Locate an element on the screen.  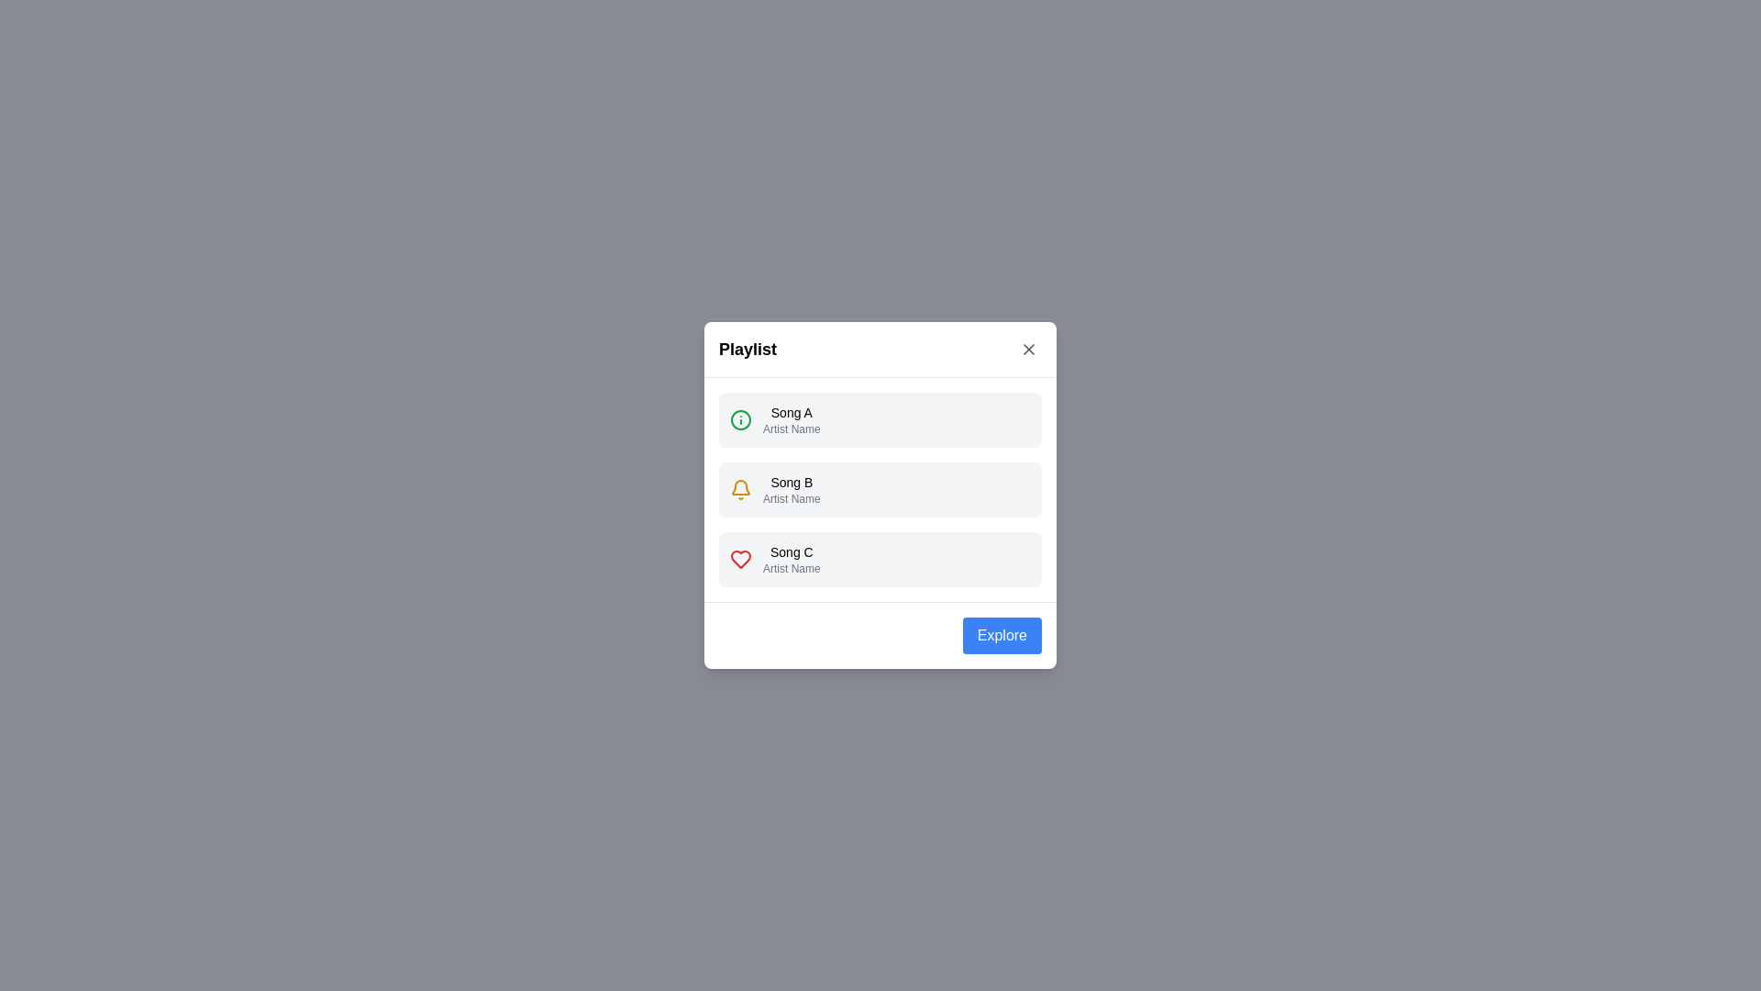
the 'Explore' button in the 'Playlist' modal window to trigger hover effects is located at coordinates (1001, 635).